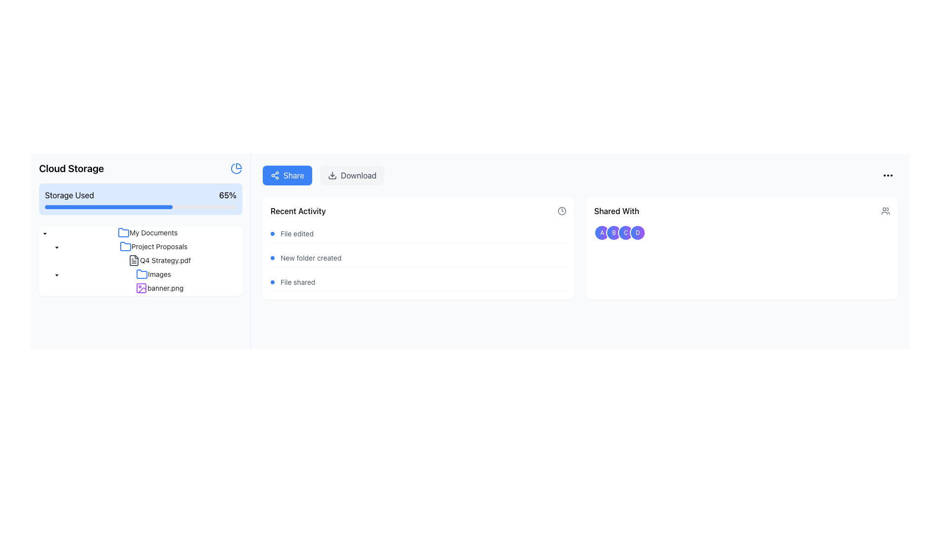 Image resolution: width=950 pixels, height=534 pixels. What do you see at coordinates (742, 248) in the screenshot?
I see `the content display card with the heading 'Shared With' and profile indicators 'A', 'B', 'C', and 'D'` at bounding box center [742, 248].